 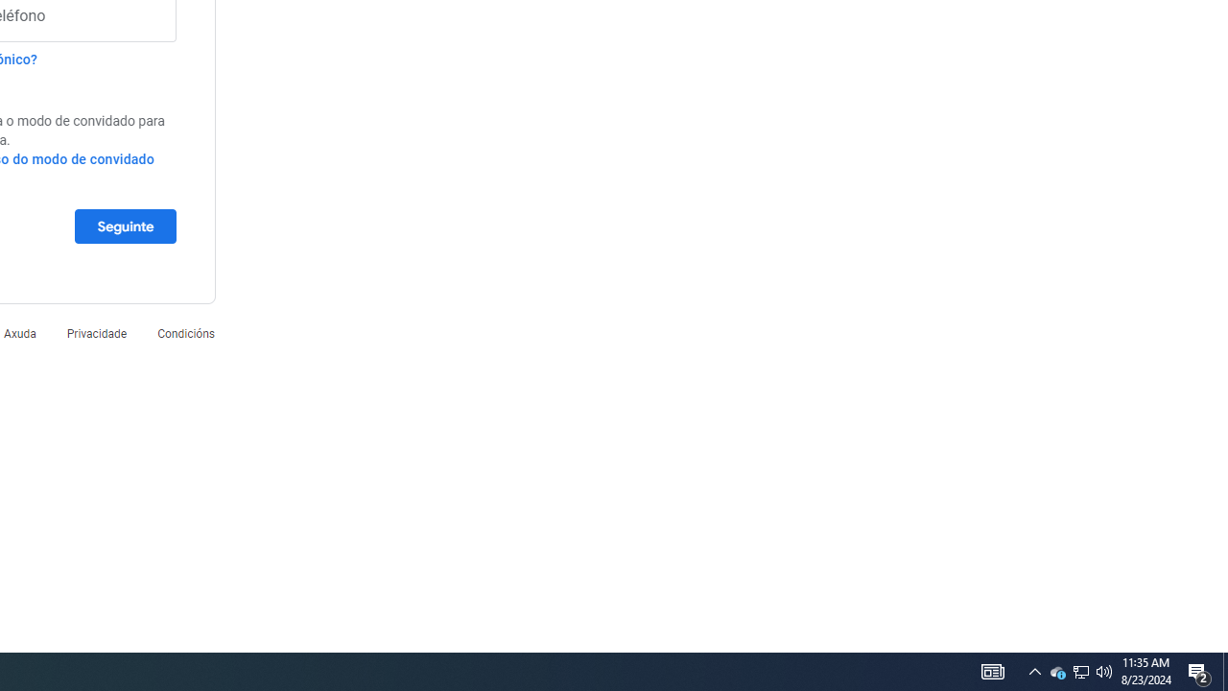 What do you see at coordinates (95, 332) in the screenshot?
I see `'Privacidade'` at bounding box center [95, 332].